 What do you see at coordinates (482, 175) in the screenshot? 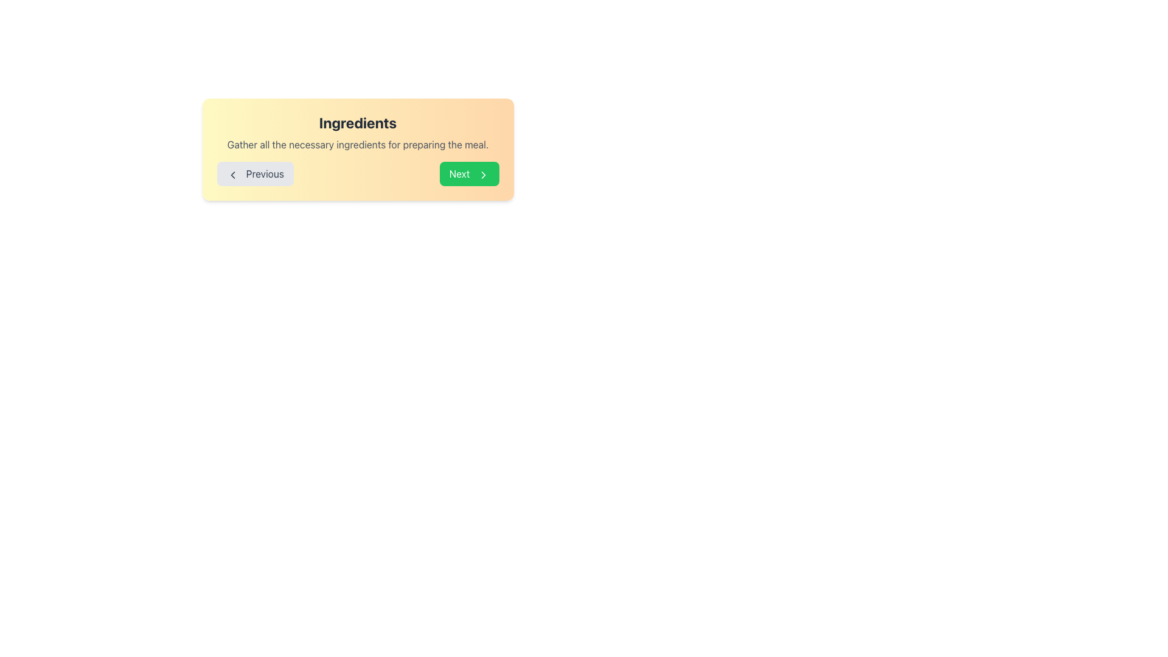
I see `the right-pointing chevron icon with a green background that is located next to the 'Next' button` at bounding box center [482, 175].